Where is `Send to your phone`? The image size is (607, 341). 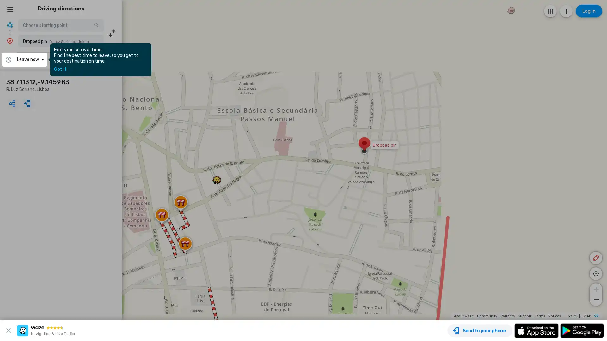
Send to your phone is located at coordinates (480, 330).